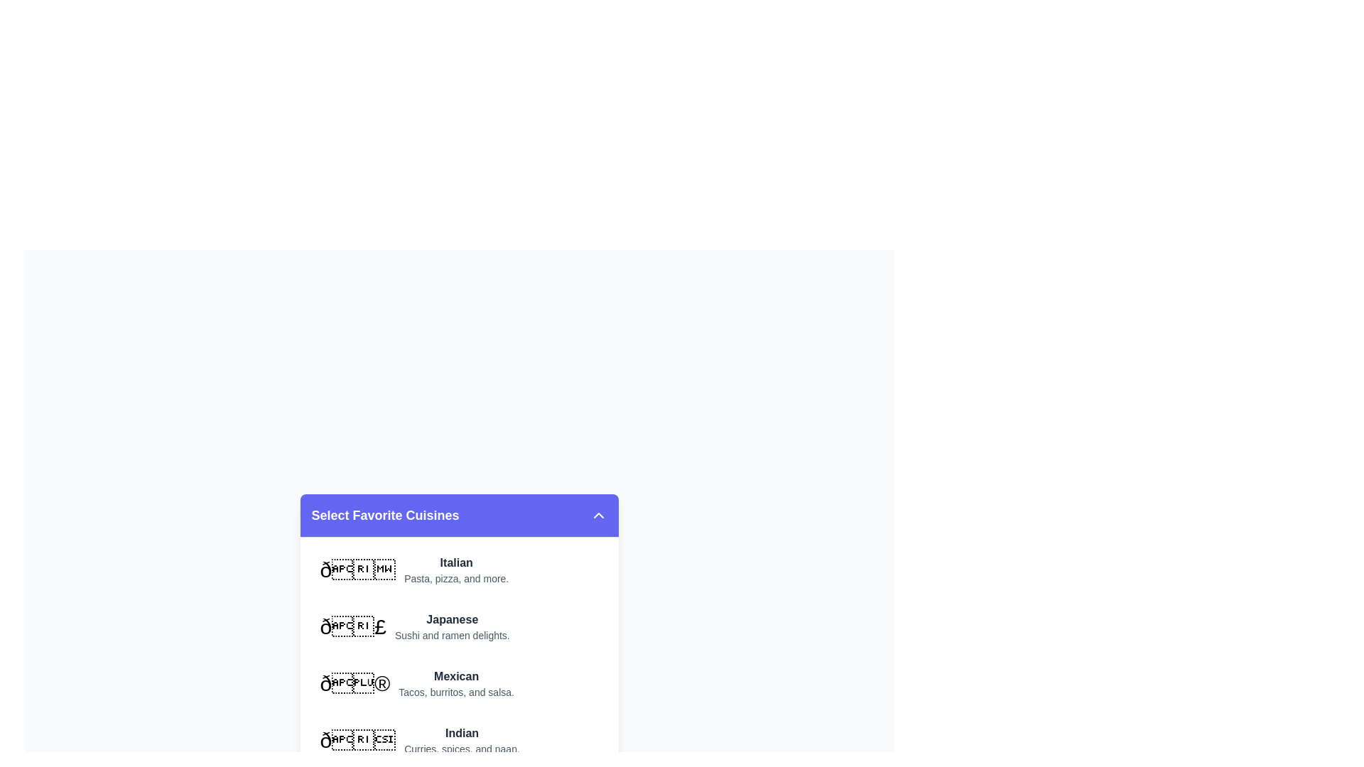  Describe the element at coordinates (456, 675) in the screenshot. I see `the label displaying the word 'Mexican', which is styled in semibold font and dark gray color, located in the vertical list of cuisines under 'Select Favorite Cuisines'` at that location.